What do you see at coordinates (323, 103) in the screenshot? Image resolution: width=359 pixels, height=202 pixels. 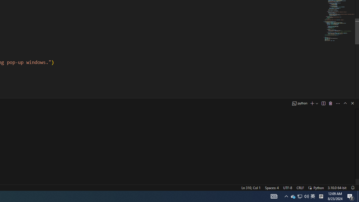 I see `'Split Terminal (Ctrl+Shift+5)'` at bounding box center [323, 103].